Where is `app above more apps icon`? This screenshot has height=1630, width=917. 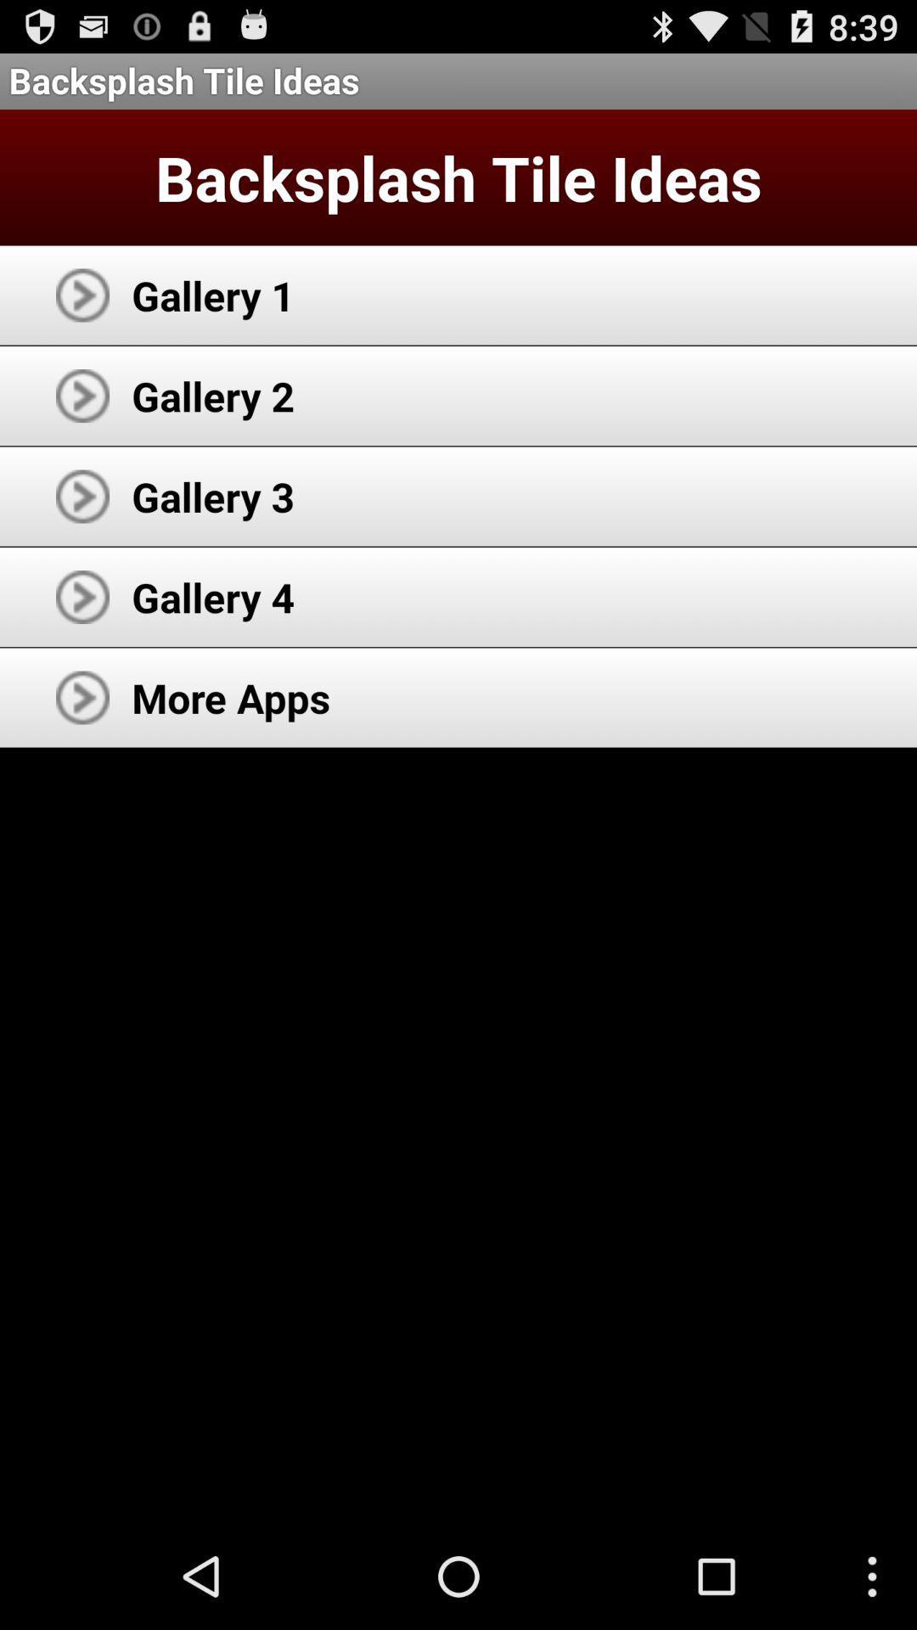
app above more apps icon is located at coordinates (212, 597).